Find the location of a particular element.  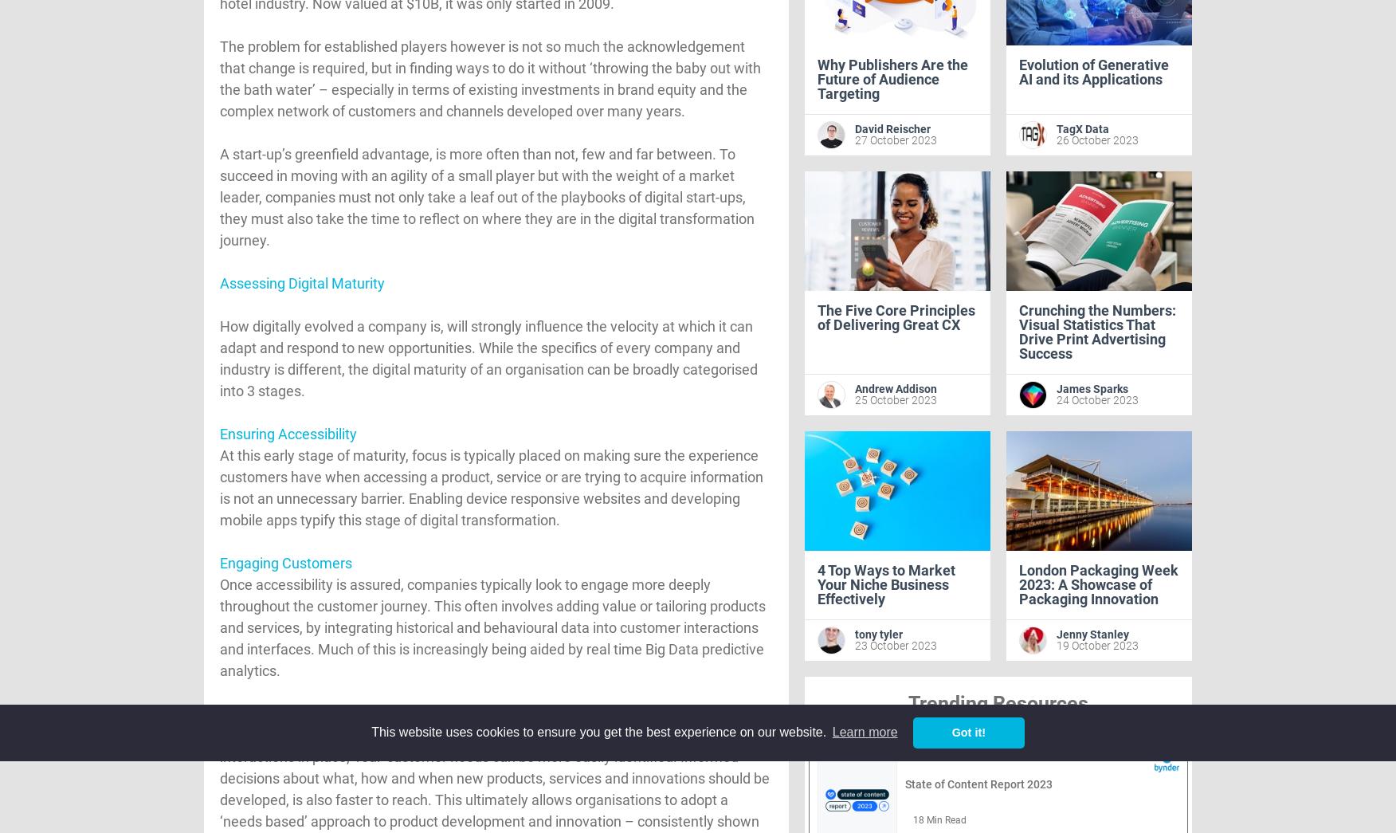

'tony tyler' is located at coordinates (878, 634).